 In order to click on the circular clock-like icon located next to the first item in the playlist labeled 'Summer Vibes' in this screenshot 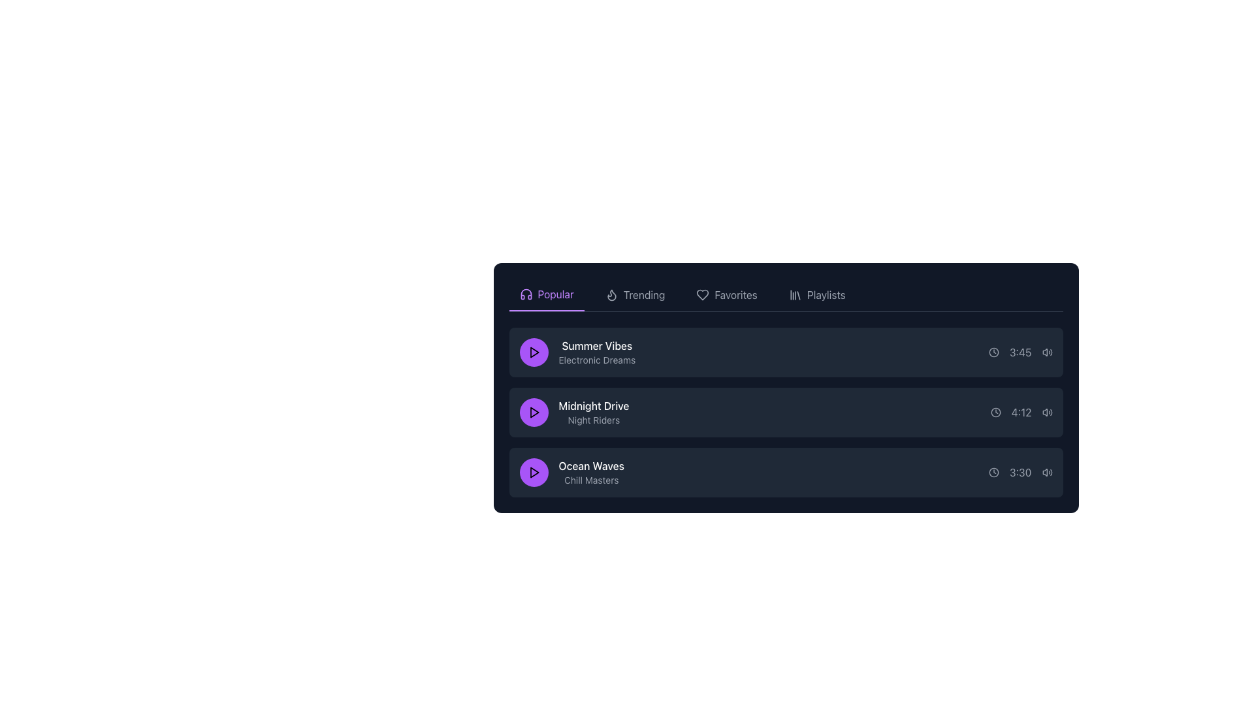, I will do `click(993, 352)`.